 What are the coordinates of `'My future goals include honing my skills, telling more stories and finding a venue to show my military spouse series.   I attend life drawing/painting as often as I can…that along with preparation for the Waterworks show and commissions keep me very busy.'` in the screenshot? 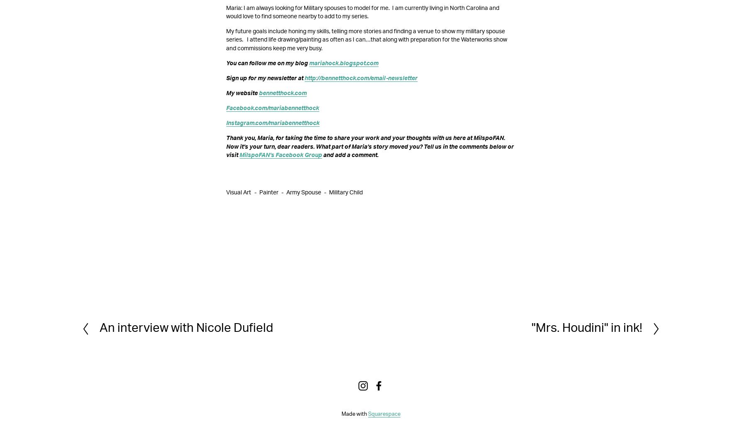 It's located at (367, 39).